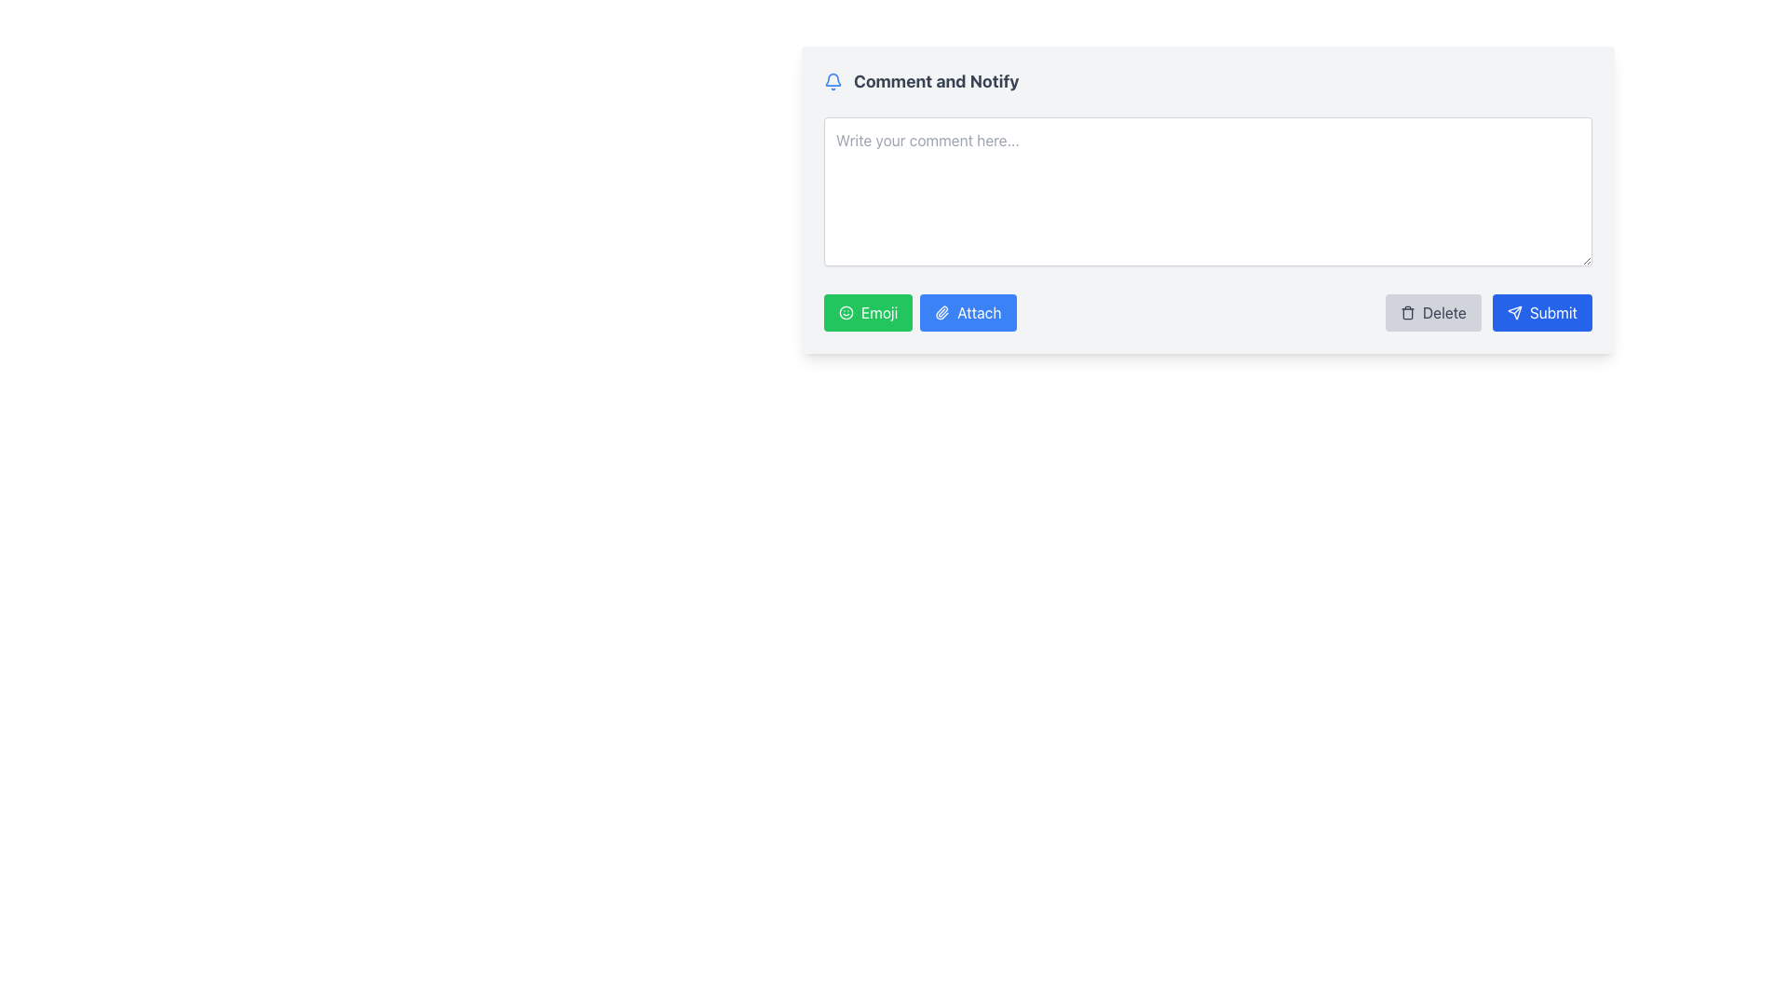 This screenshot has height=1006, width=1788. Describe the element at coordinates (867, 311) in the screenshot. I see `the emoji button located on the bottom-left side of the comment box` at that location.